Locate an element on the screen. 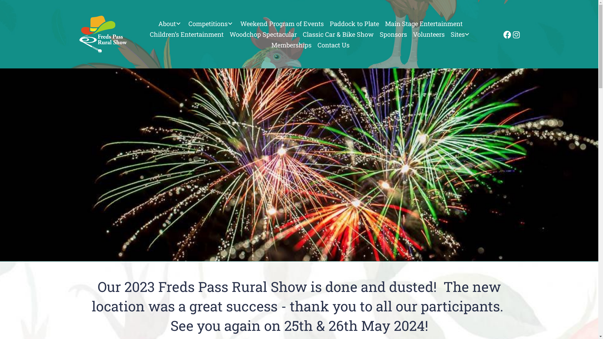  'Classic Car & Bike Show' is located at coordinates (300, 34).